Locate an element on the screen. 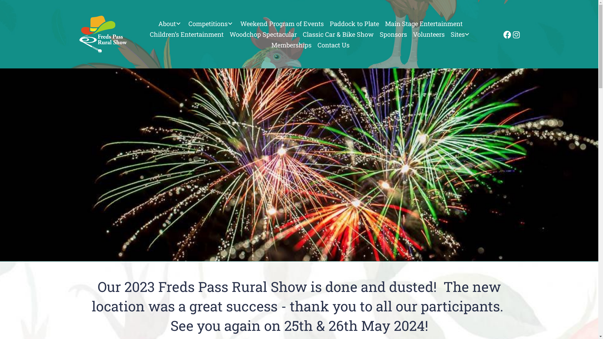  'Classic Car & Bike Show' is located at coordinates (300, 34).